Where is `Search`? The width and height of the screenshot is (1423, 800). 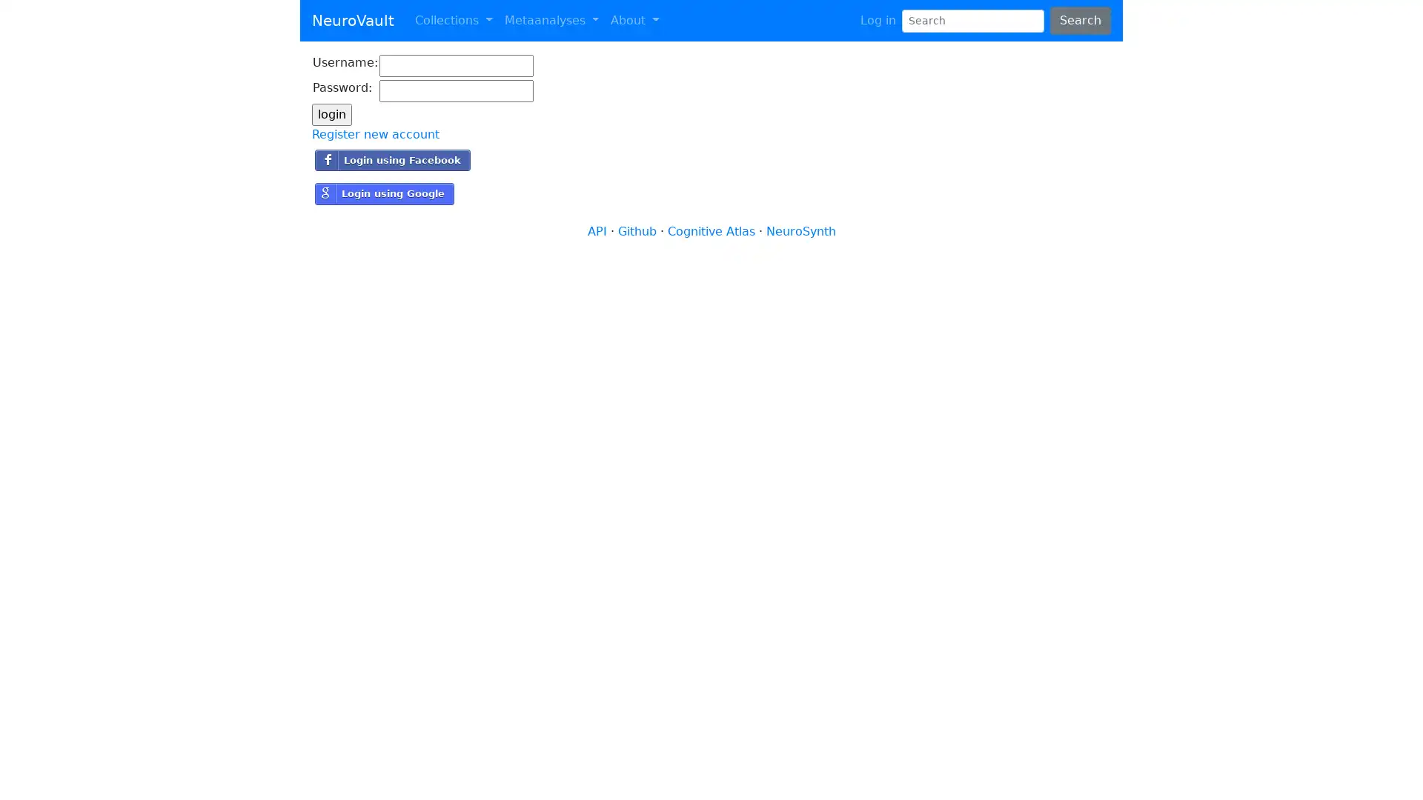
Search is located at coordinates (1080, 20).